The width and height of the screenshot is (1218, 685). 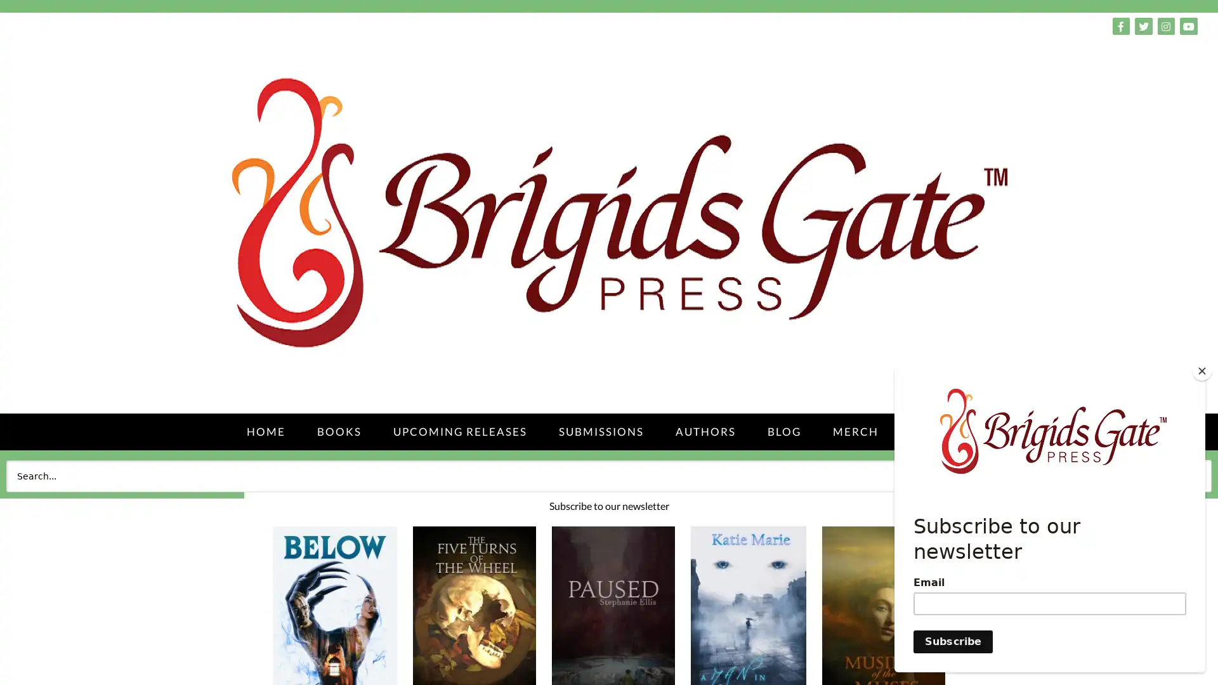 What do you see at coordinates (1182, 475) in the screenshot?
I see `Search` at bounding box center [1182, 475].